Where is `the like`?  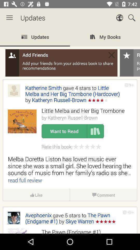
the like is located at coordinates (36, 195).